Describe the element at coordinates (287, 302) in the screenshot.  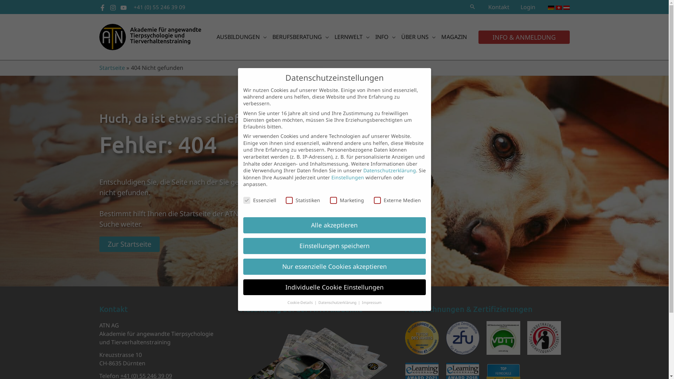
I see `'Cookie-Details'` at that location.